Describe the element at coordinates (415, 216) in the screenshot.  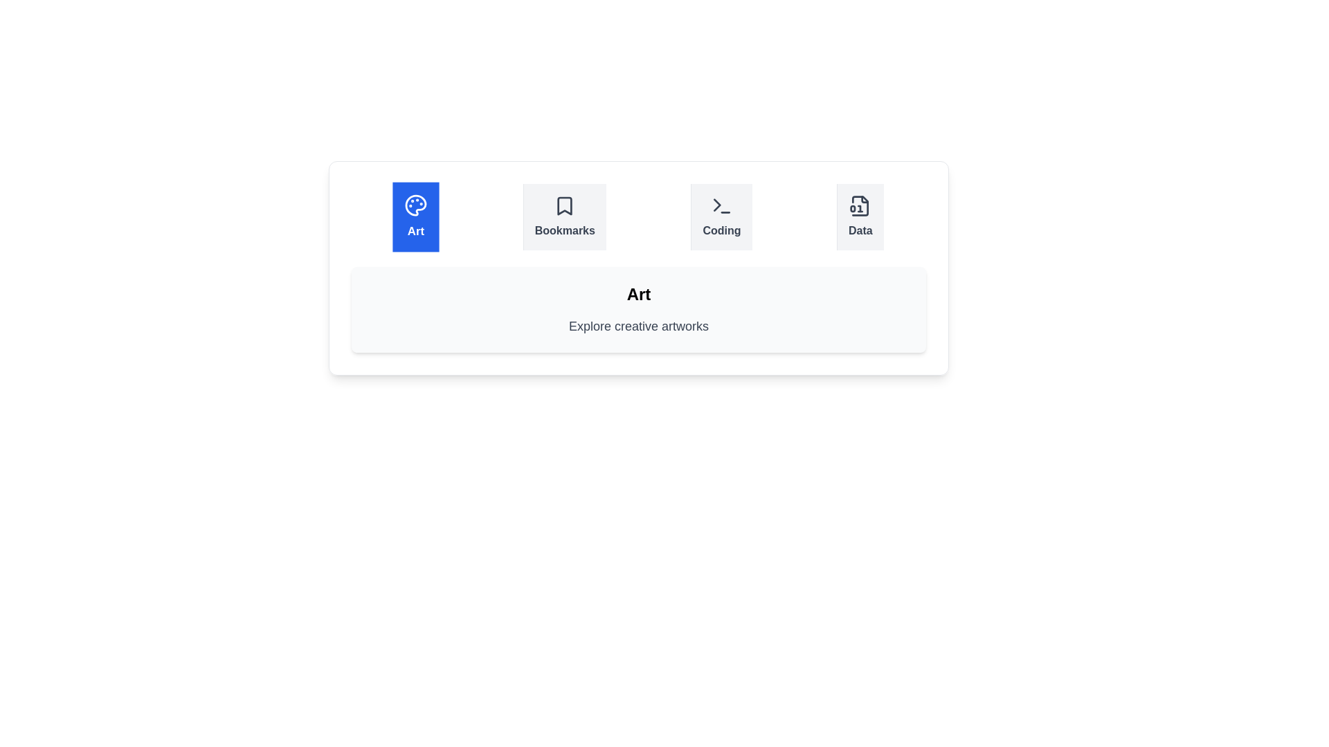
I see `the tab labeled Art to observe its icon and label` at that location.